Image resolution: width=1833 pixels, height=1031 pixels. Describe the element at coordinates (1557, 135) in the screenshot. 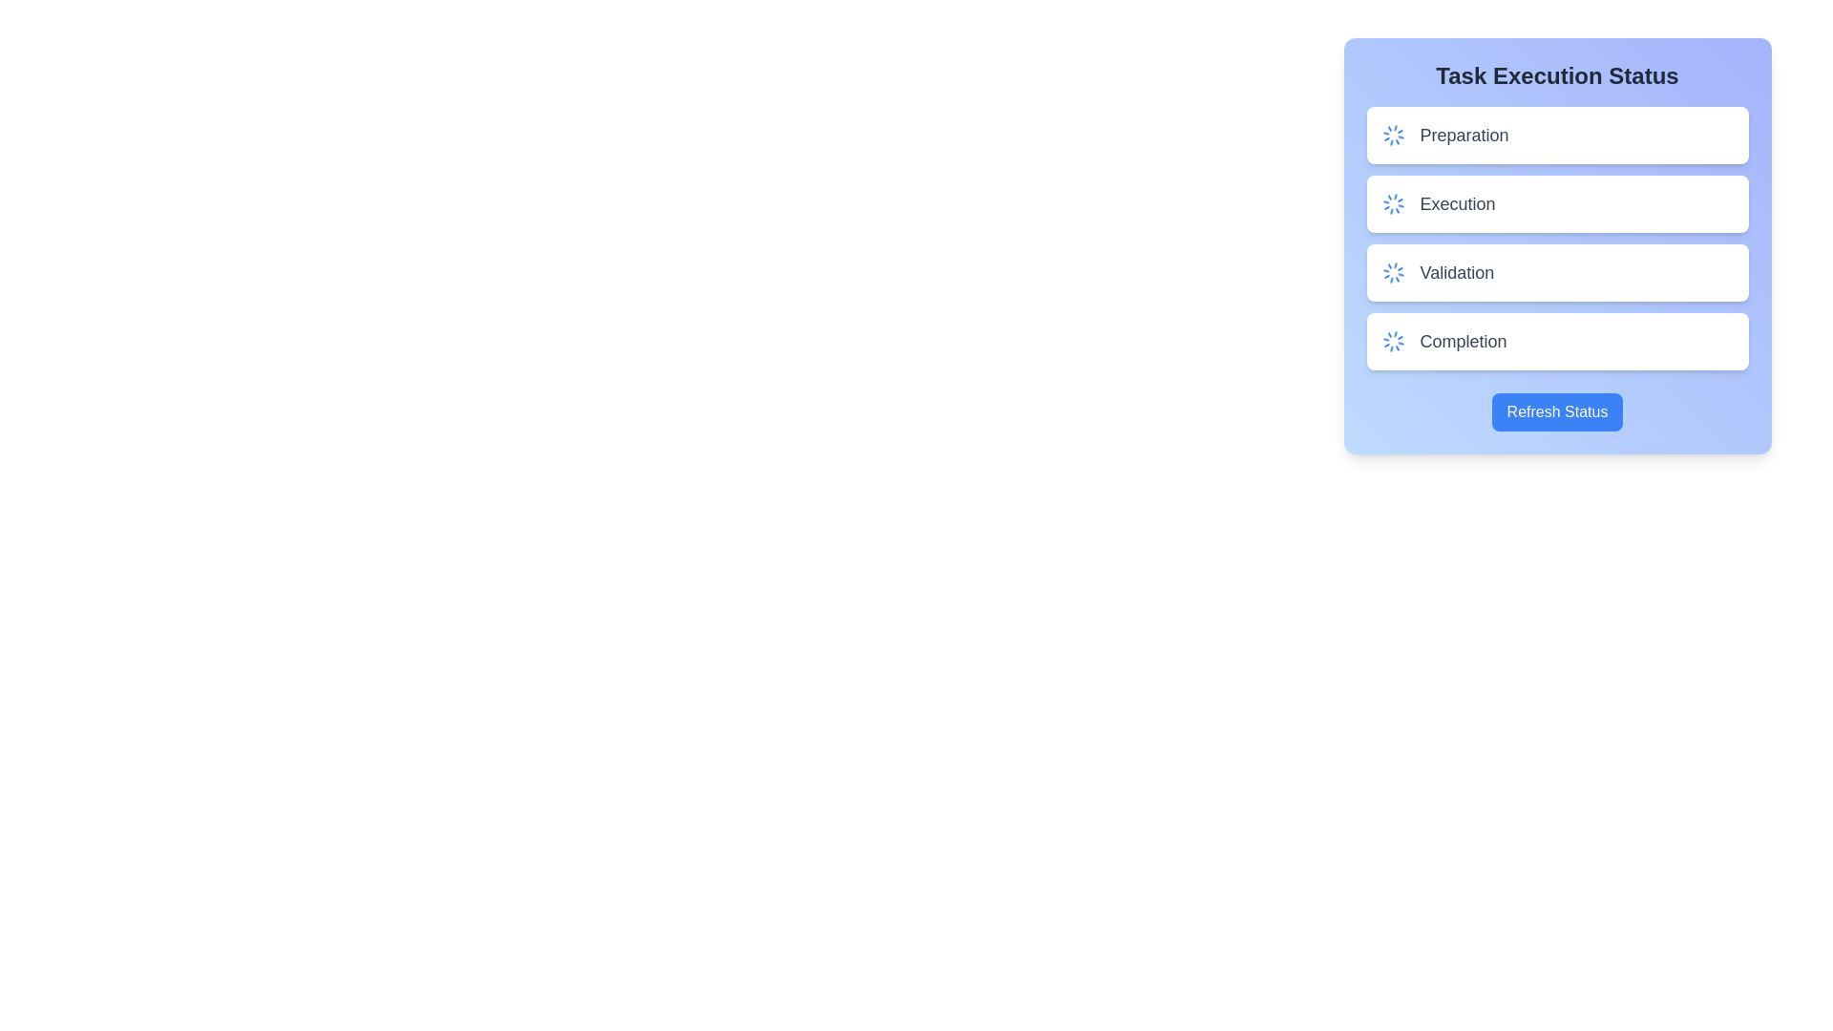

I see `the first Card/List Item labeled 'Preparation' in the vertical list titled 'Task Execution Status'` at that location.